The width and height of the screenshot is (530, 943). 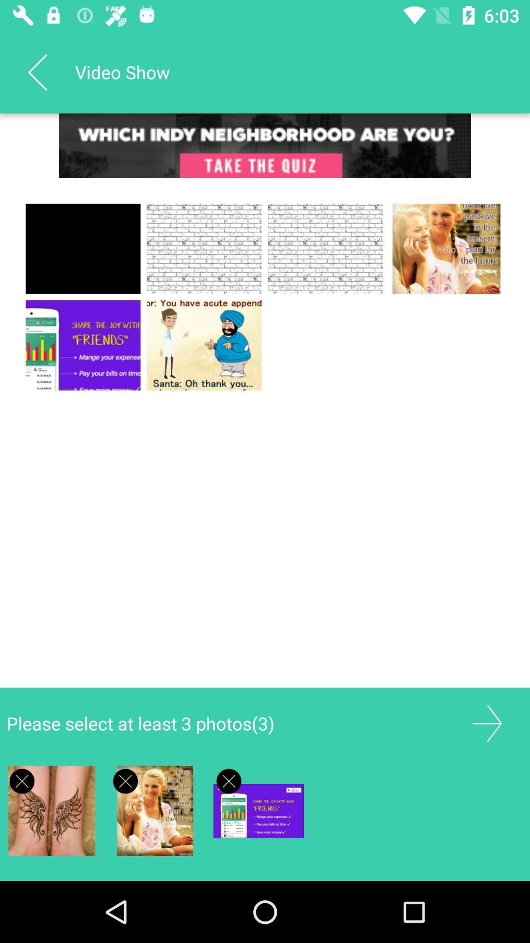 What do you see at coordinates (229, 780) in the screenshot?
I see `window` at bounding box center [229, 780].